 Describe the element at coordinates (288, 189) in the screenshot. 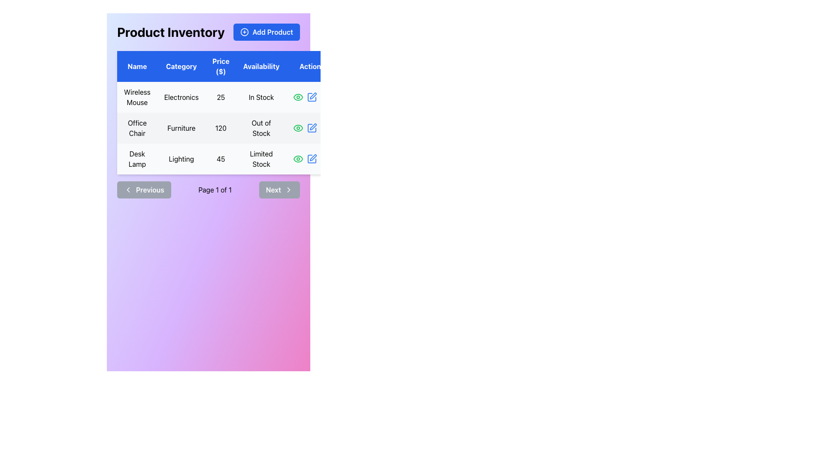

I see `the 'Next' button which contains the arrow icon on its right side` at that location.